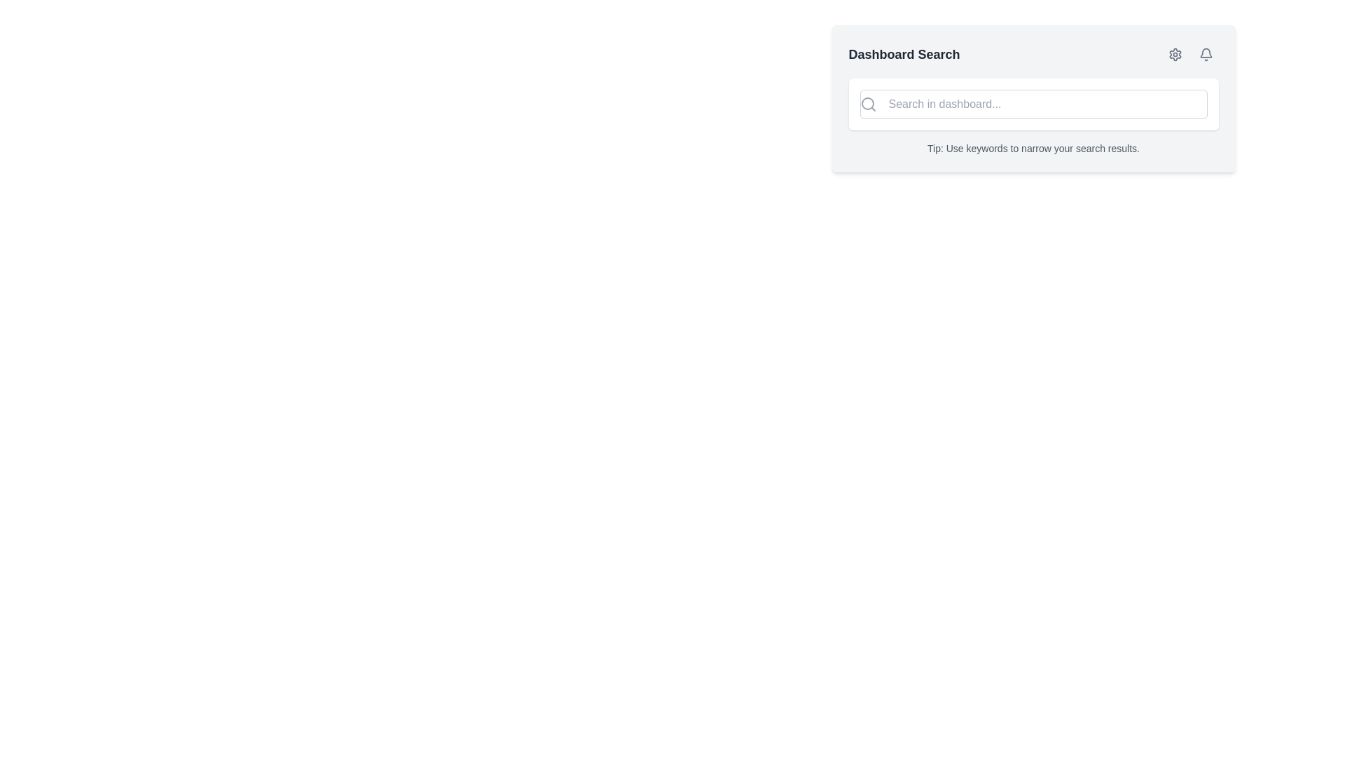  What do you see at coordinates (1205, 53) in the screenshot?
I see `the notification bell icon located in the top-right corner of the interface` at bounding box center [1205, 53].